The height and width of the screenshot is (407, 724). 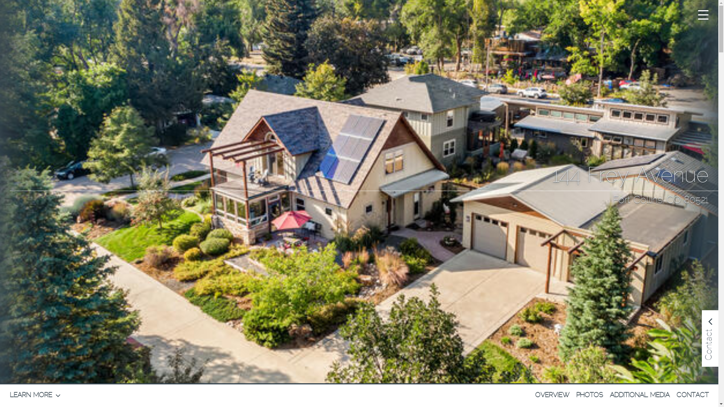 I want to click on 'PHOTOS', so click(x=589, y=395).